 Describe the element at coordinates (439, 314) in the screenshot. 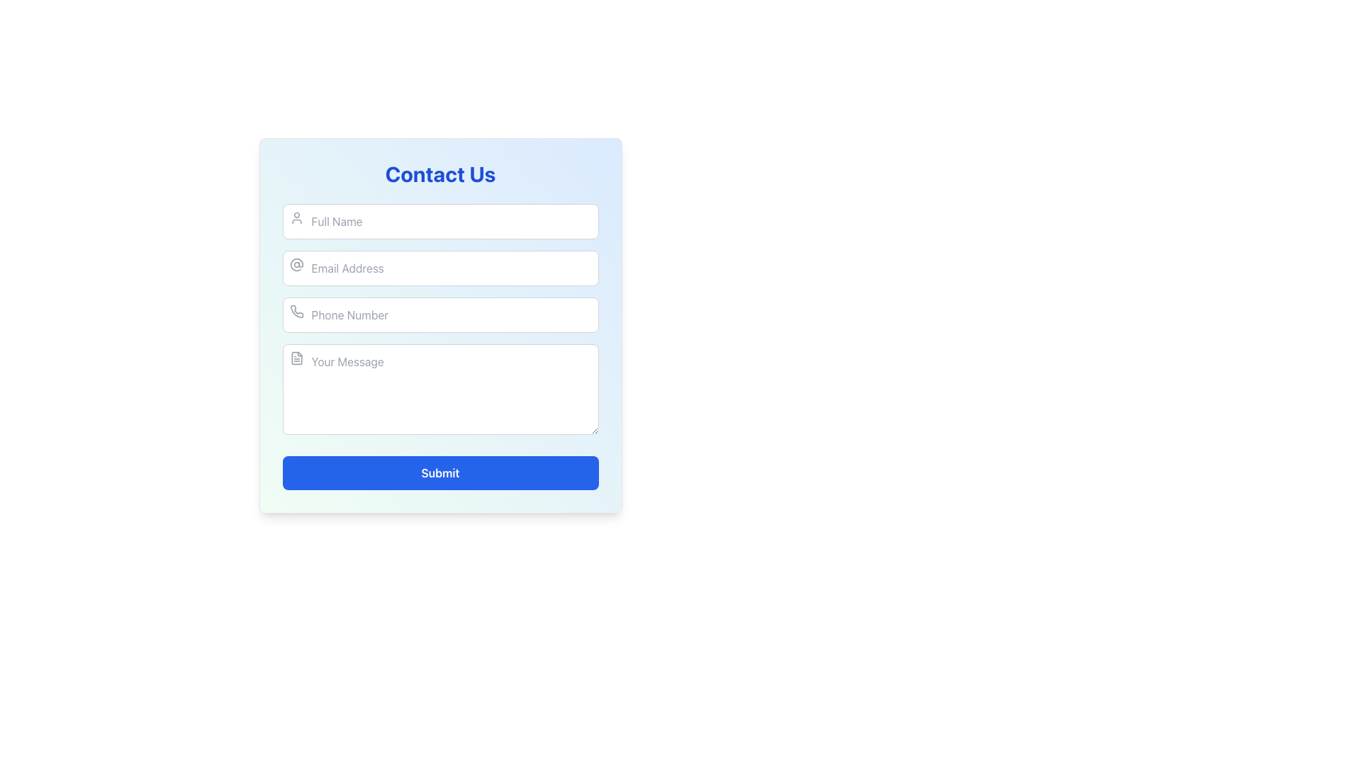

I see `the phone number input field to focus and begin typing` at that location.